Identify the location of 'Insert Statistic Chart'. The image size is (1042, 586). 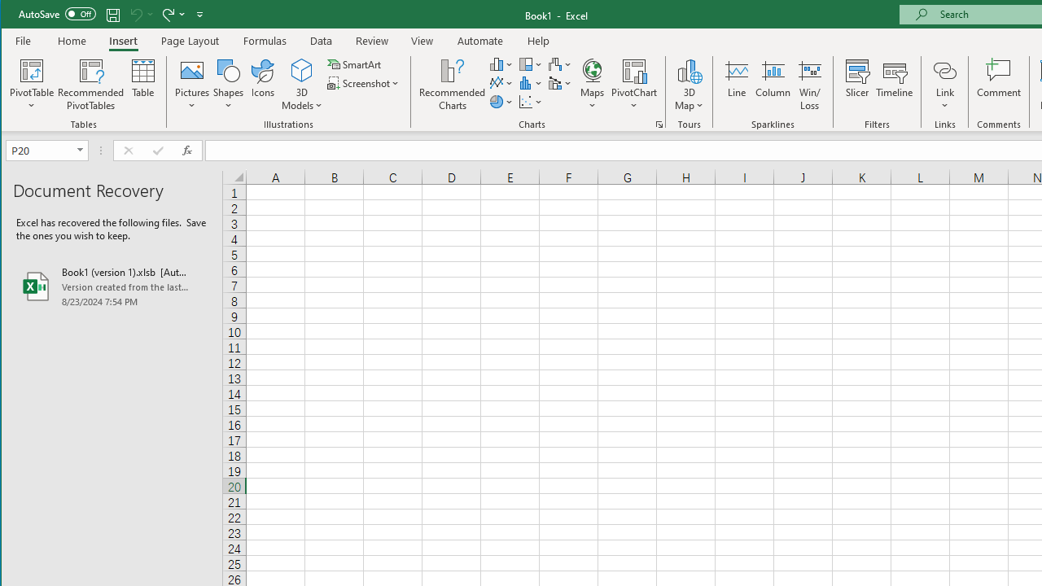
(531, 83).